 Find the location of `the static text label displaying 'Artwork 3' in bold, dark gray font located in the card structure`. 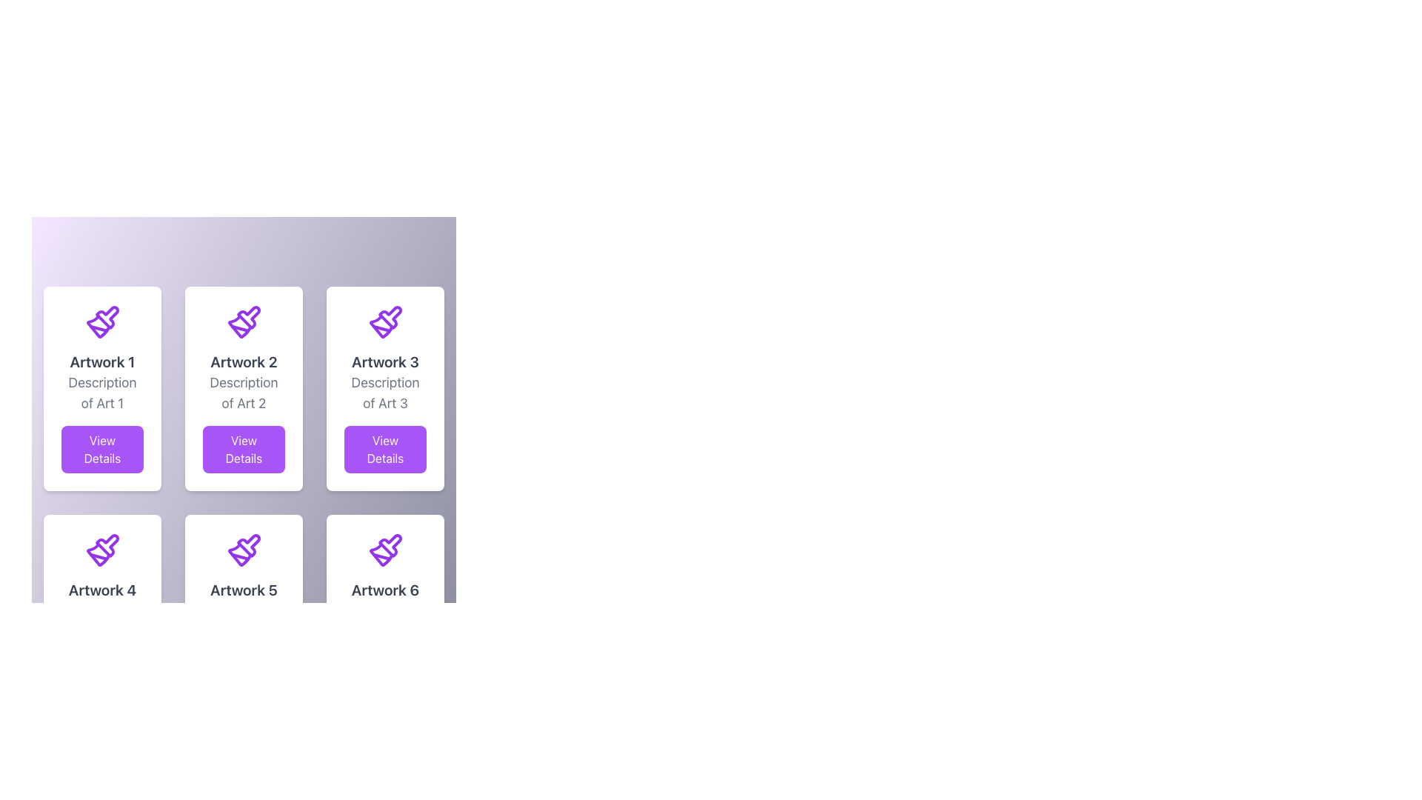

the static text label displaying 'Artwork 3' in bold, dark gray font located in the card structure is located at coordinates (385, 362).